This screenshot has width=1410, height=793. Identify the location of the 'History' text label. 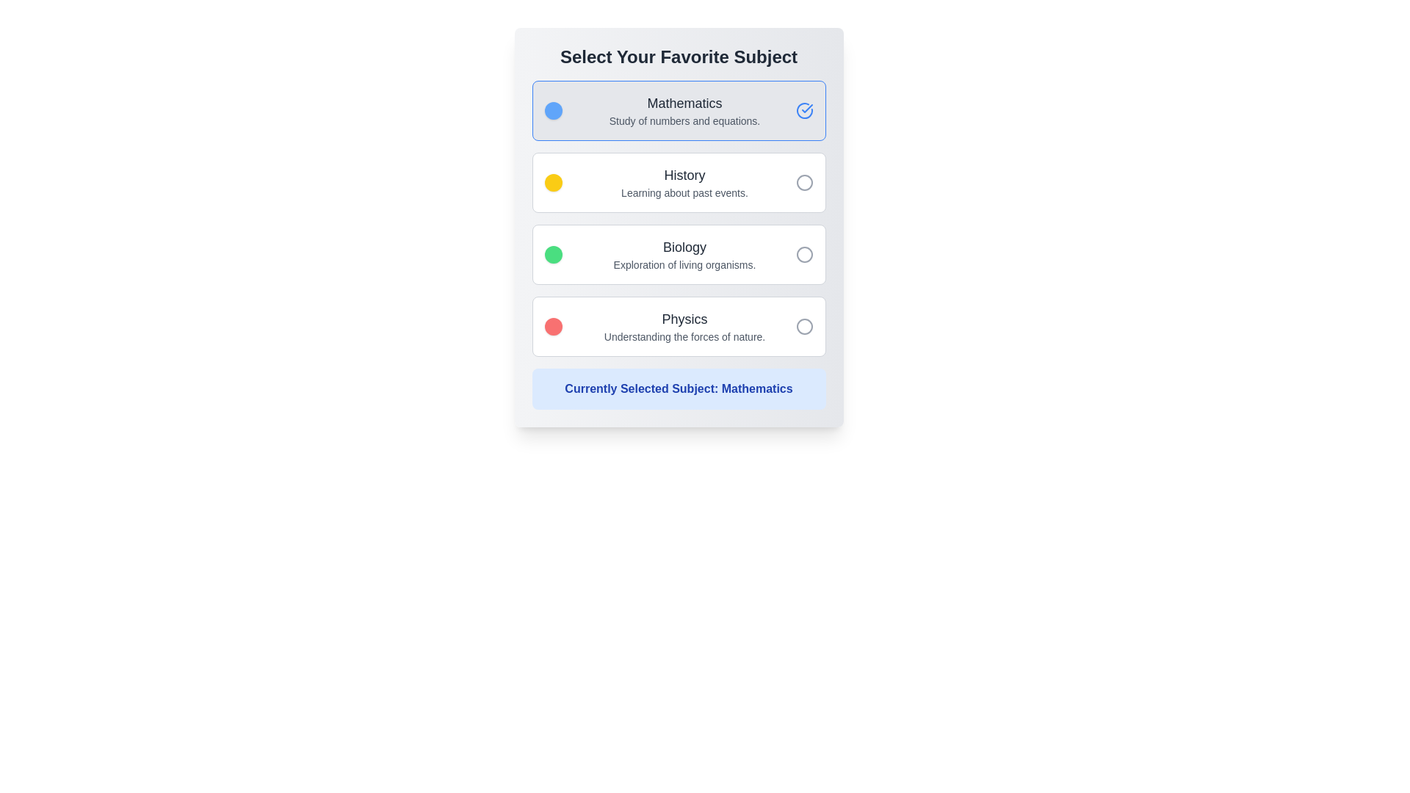
(684, 175).